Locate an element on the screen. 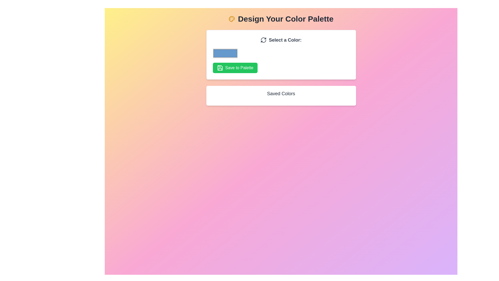  the refresh icon button located immediately to the left of the 'Select a Color:' text in the 'Design Your Color Palette' section to reset the color selection is located at coordinates (264, 40).